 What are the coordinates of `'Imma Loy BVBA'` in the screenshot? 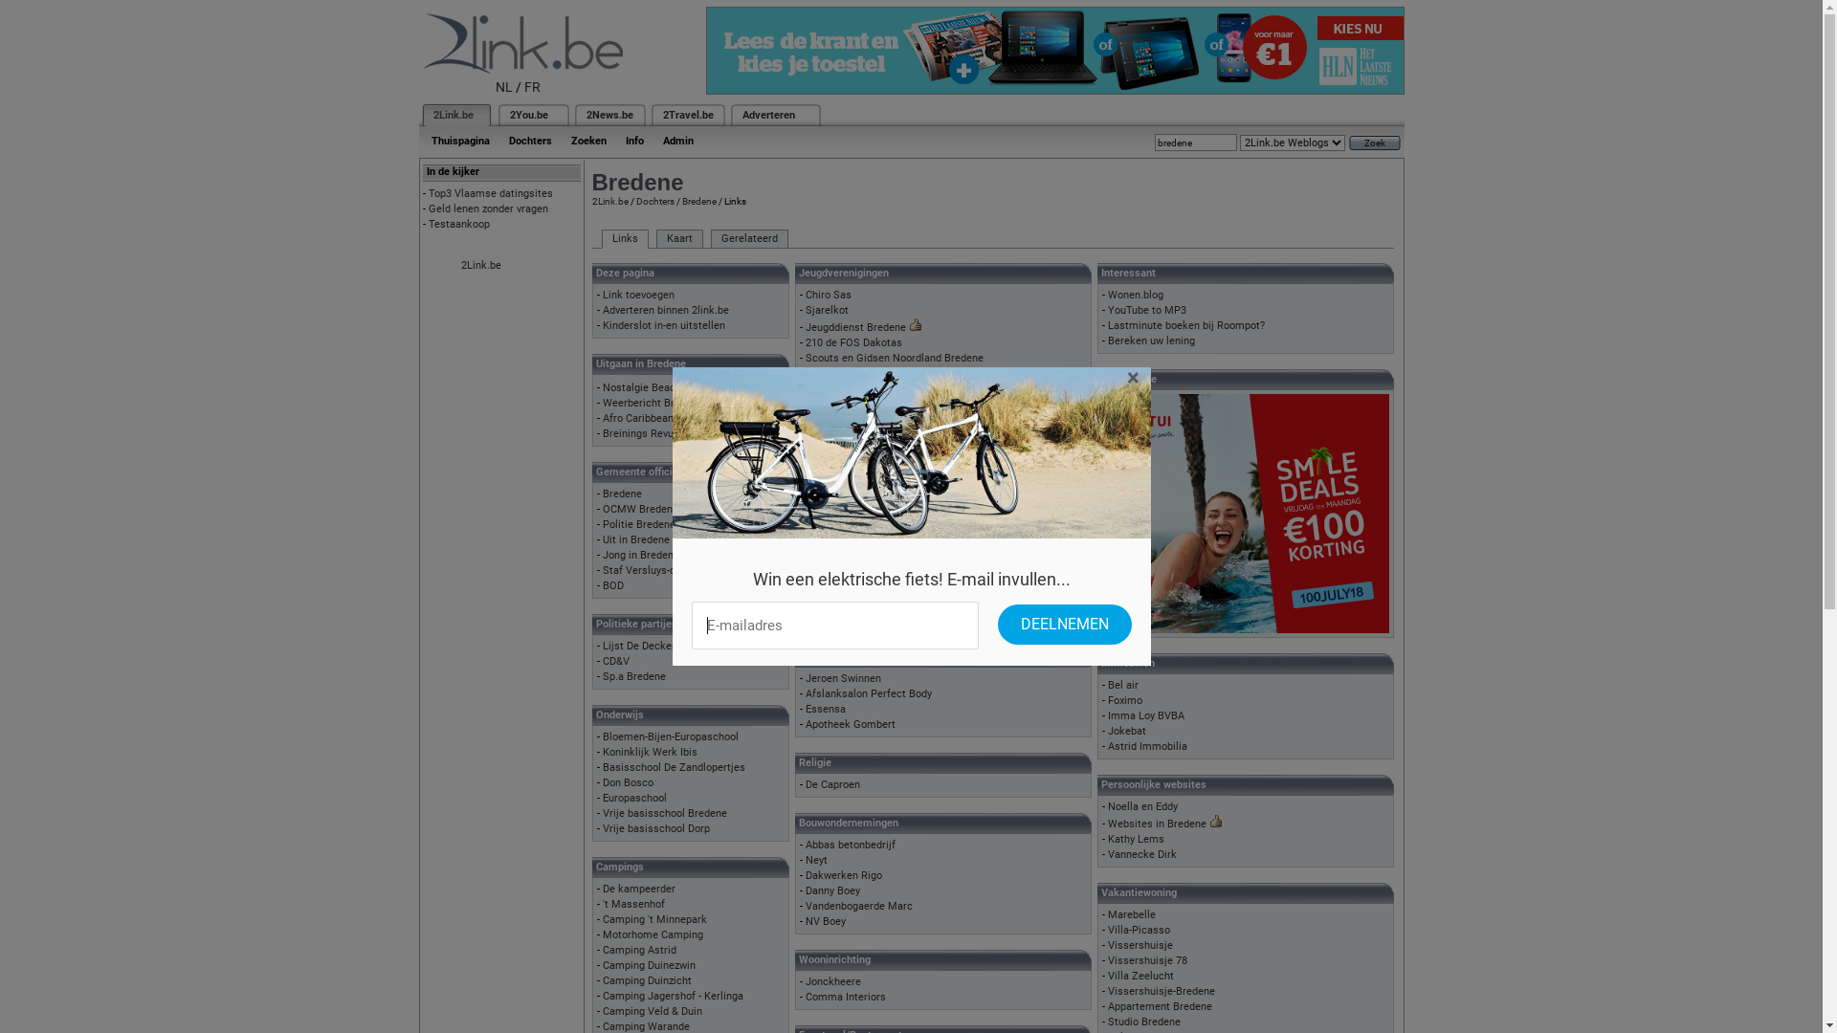 It's located at (1146, 715).